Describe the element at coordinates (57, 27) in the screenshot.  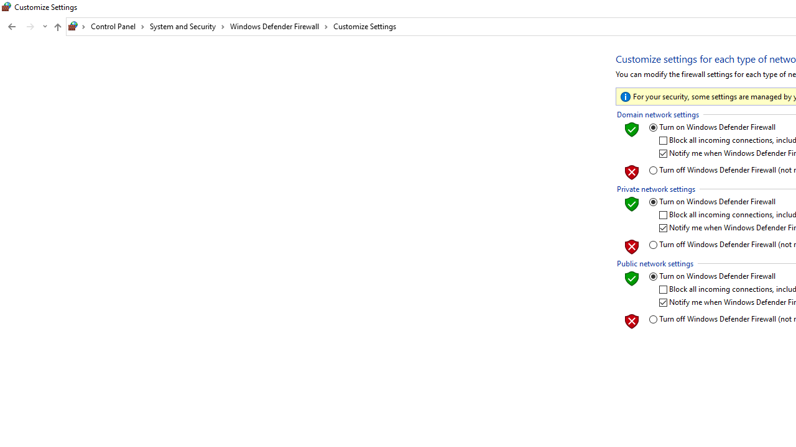
I see `'Up to "Windows Defender Firewall" (Alt + Up Arrow)'` at that location.